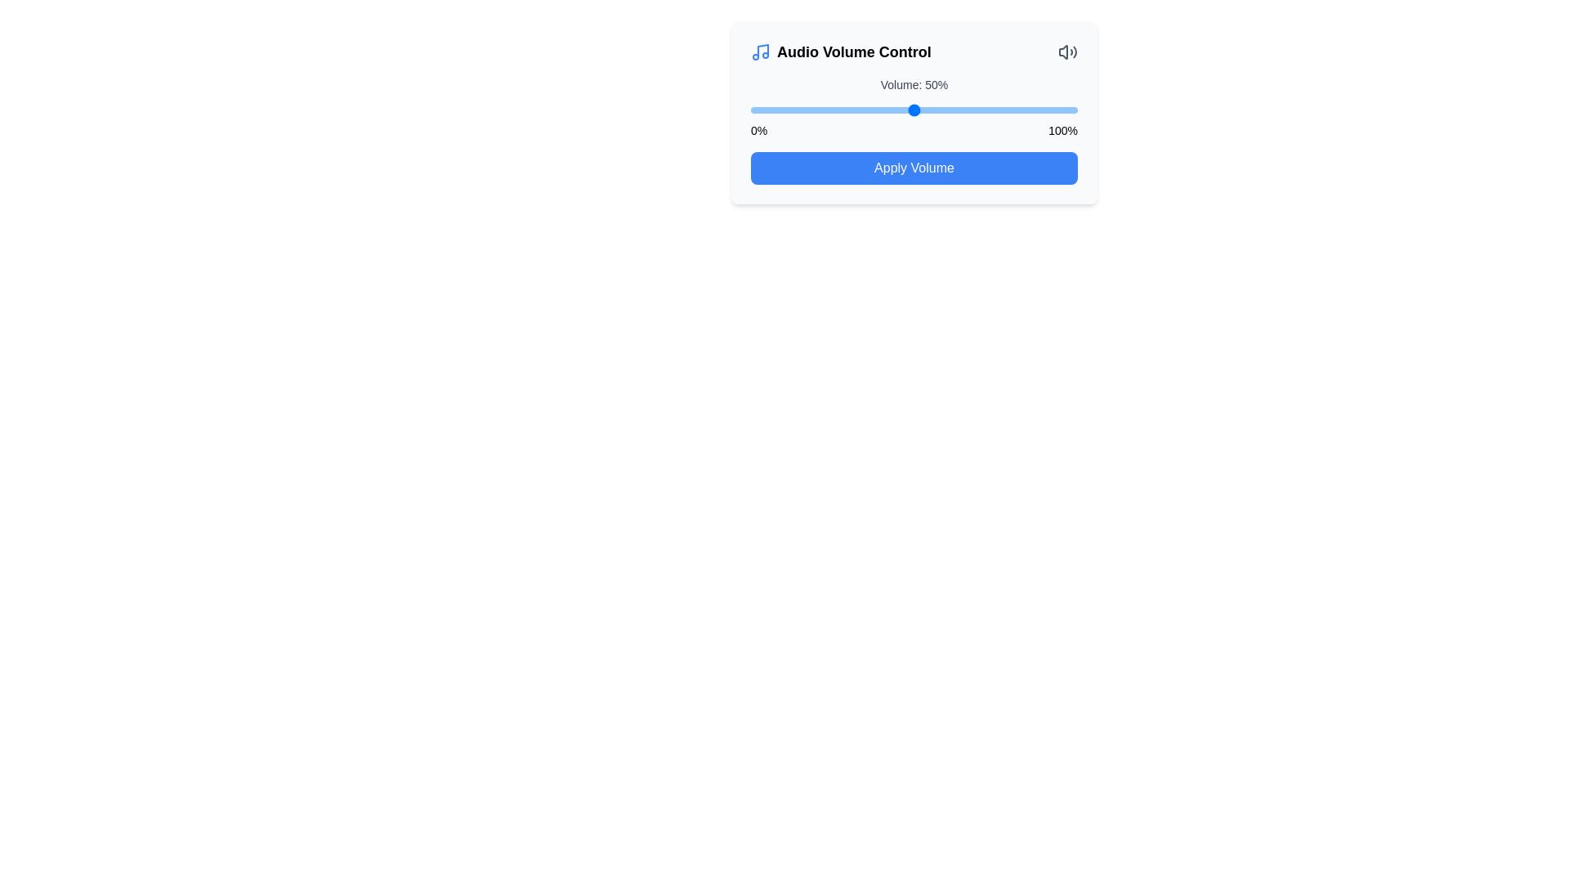 This screenshot has width=1569, height=883. Describe the element at coordinates (913, 168) in the screenshot. I see `the confirm button located below the 'Volume: 50%' slider to observe the hover effect` at that location.